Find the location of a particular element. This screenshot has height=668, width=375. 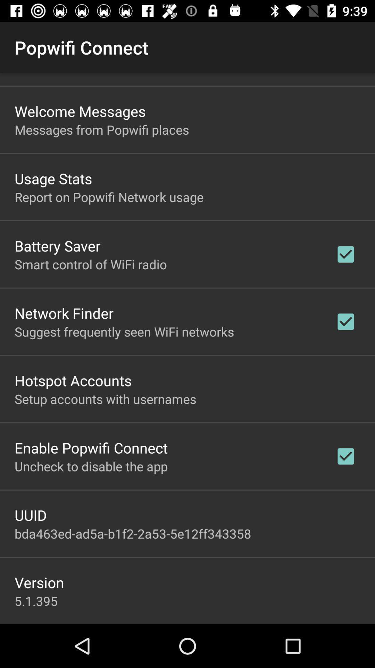

the app below the popwifi connect icon is located at coordinates (80, 111).